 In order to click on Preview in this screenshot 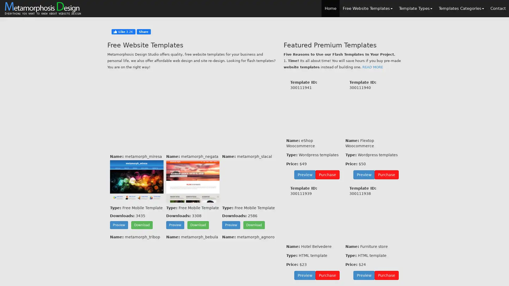, I will do `click(305, 175)`.